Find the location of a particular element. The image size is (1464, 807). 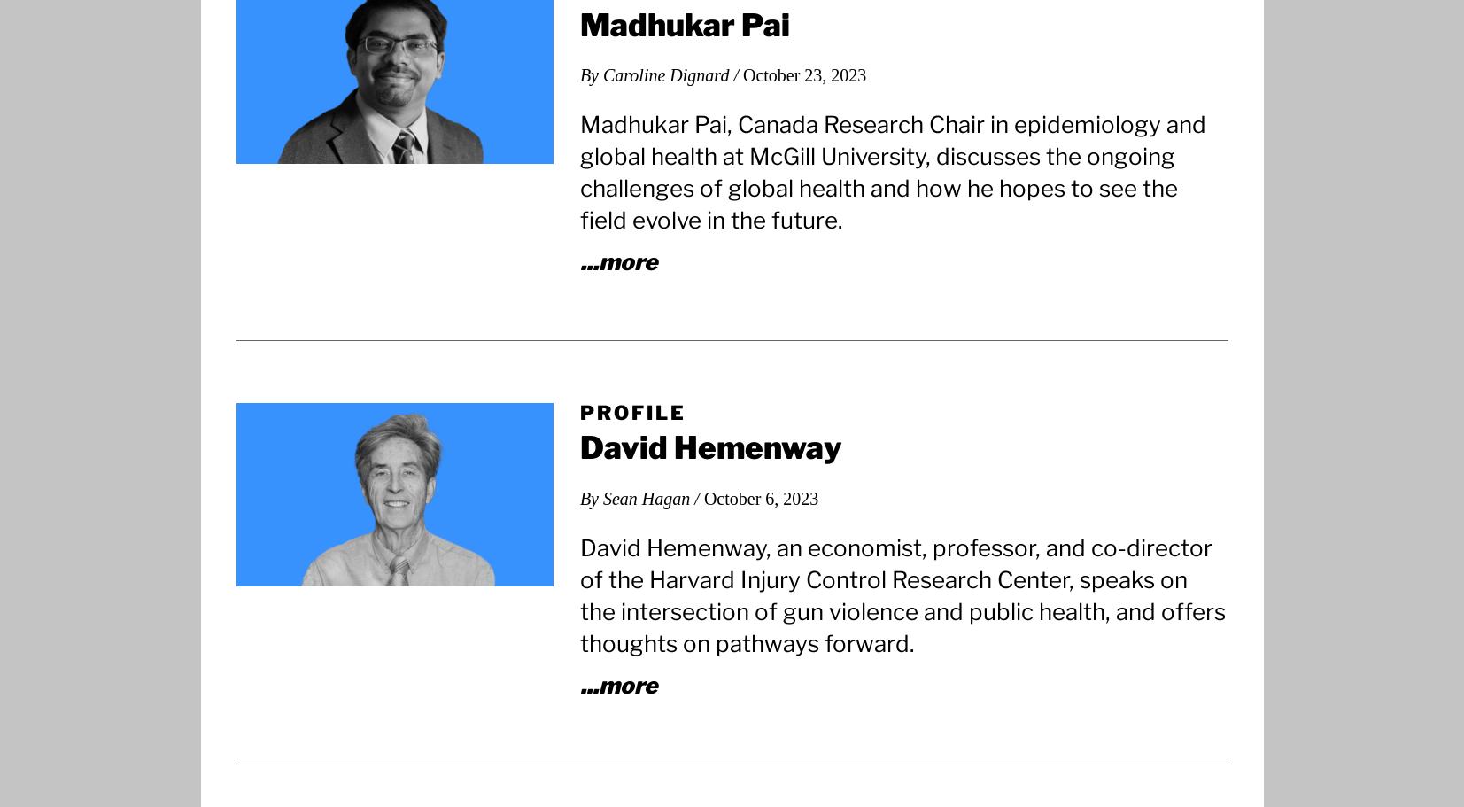

'Madhukar Pai' is located at coordinates (683, 24).